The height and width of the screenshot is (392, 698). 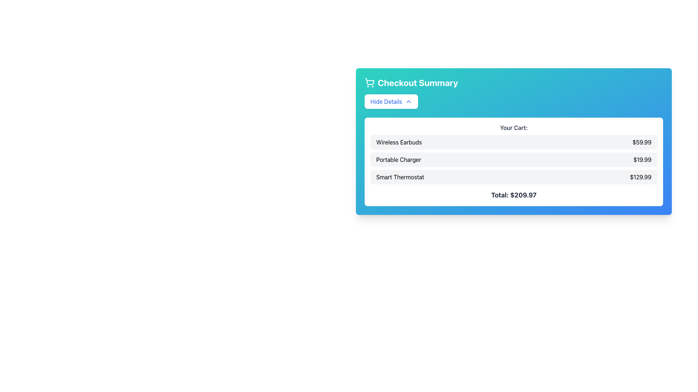 What do you see at coordinates (513, 195) in the screenshot?
I see `the total cost text label displayed under the cart summary, styled with bold text and a larger font size, located at the bottom of a white card with shadow and rounded corners` at bounding box center [513, 195].